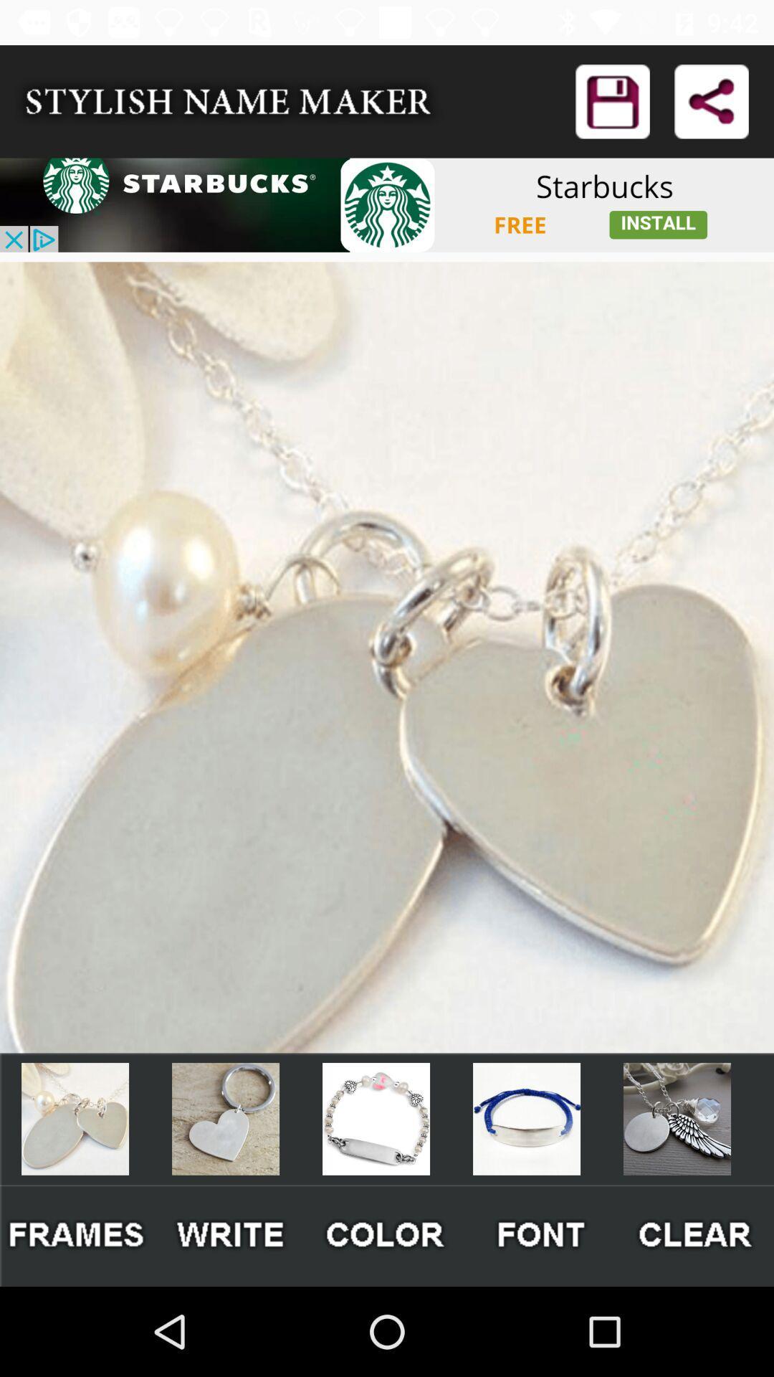 The height and width of the screenshot is (1377, 774). Describe the element at coordinates (386, 1235) in the screenshot. I see `changing the color` at that location.